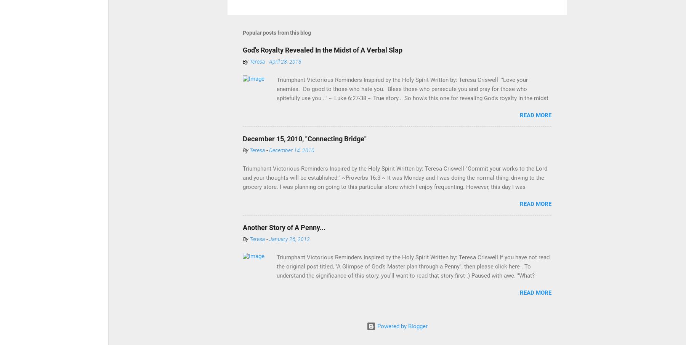  Describe the element at coordinates (322, 50) in the screenshot. I see `'God's Royalty Revealed In the Midst of A Verbal Slap'` at that location.